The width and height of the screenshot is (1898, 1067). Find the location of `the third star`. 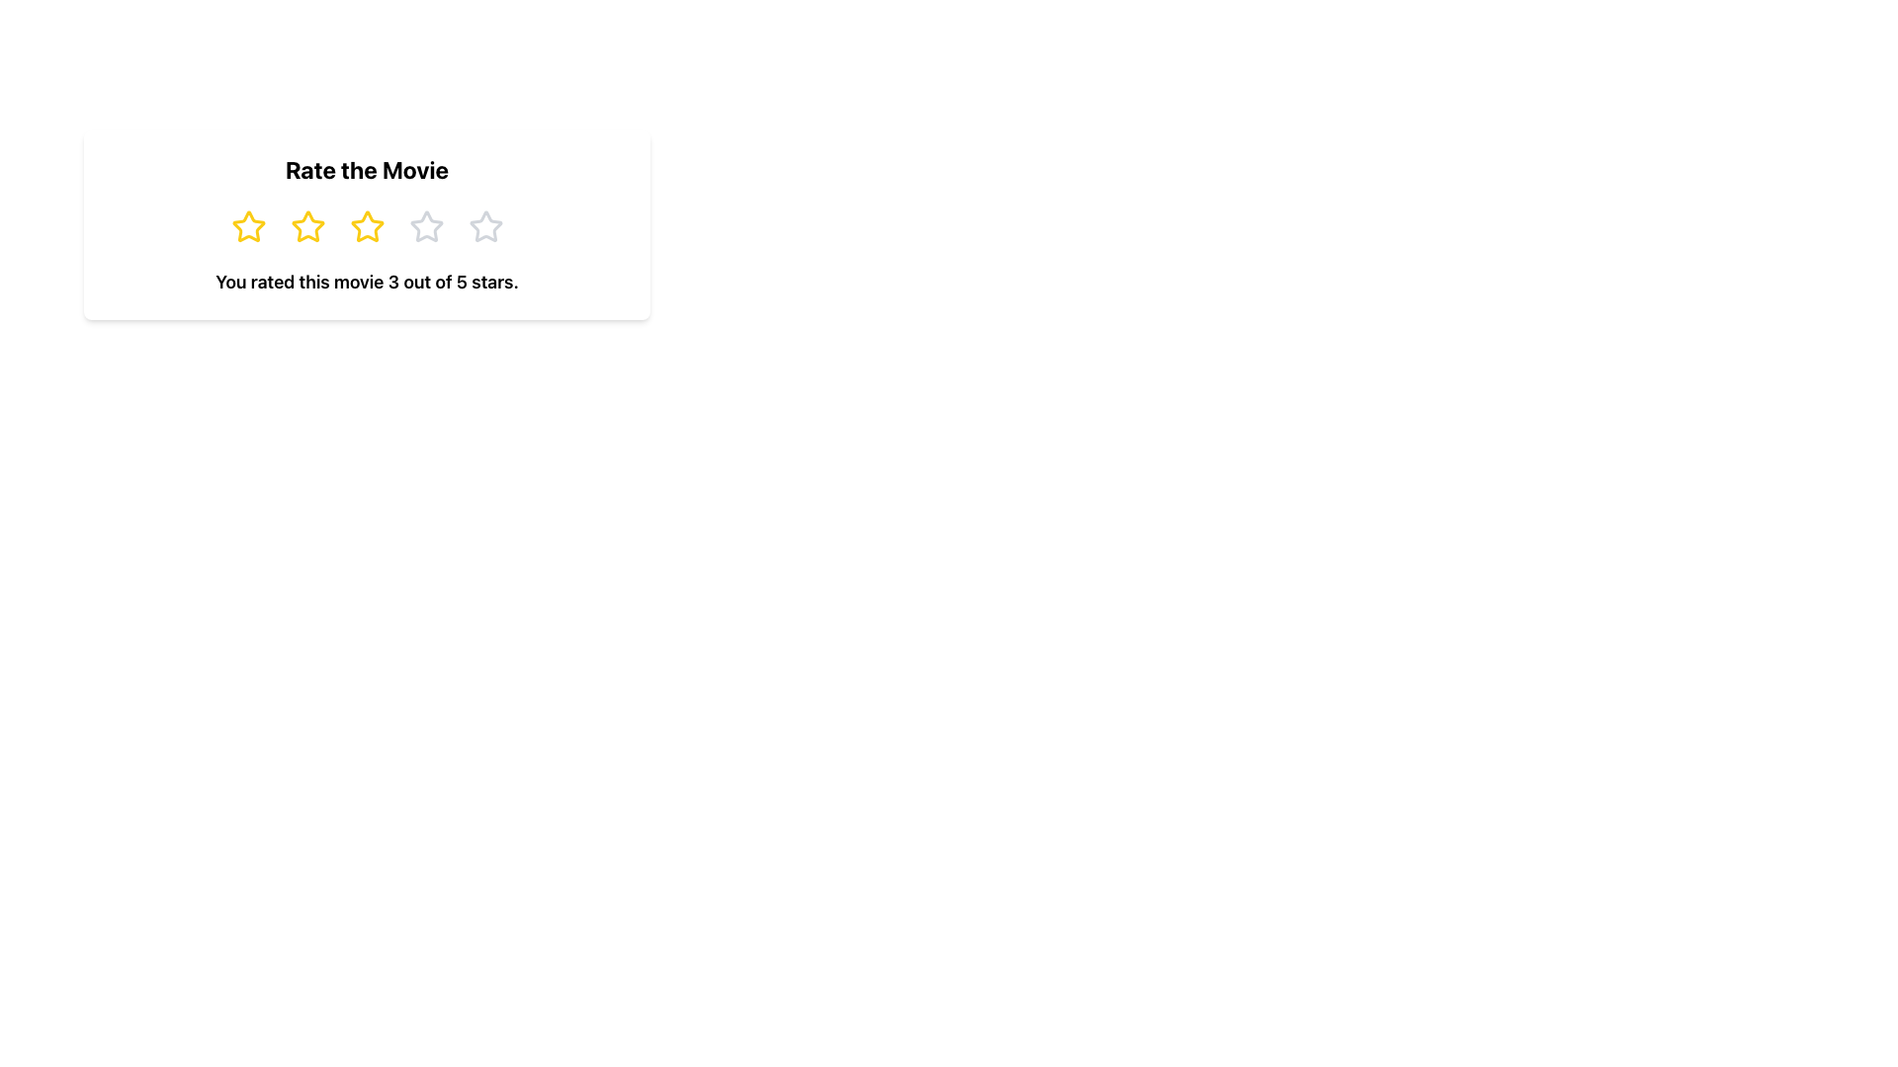

the third star is located at coordinates (367, 226).